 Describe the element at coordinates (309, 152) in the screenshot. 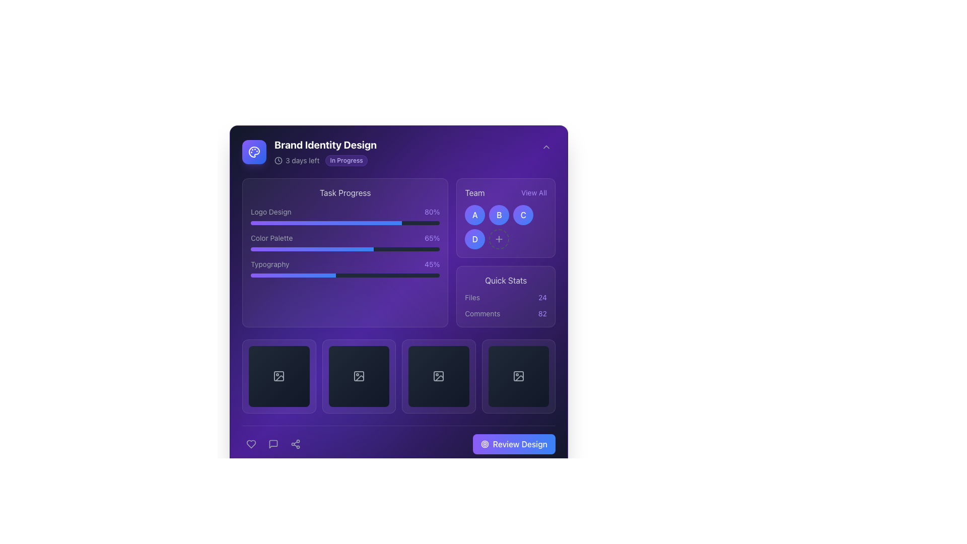

I see `information displayed in the prominent informational block that includes the text 'Brand Identity Design', '3 days left', and 'In Progress'` at that location.